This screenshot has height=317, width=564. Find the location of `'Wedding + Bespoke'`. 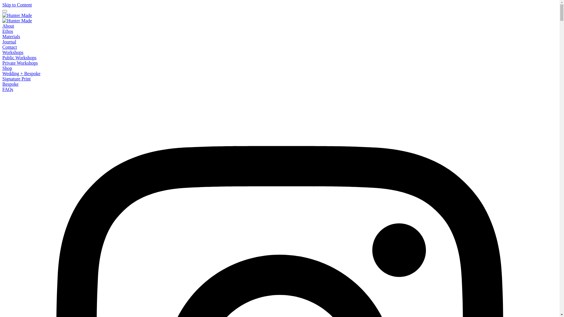

'Wedding + Bespoke' is located at coordinates (21, 73).